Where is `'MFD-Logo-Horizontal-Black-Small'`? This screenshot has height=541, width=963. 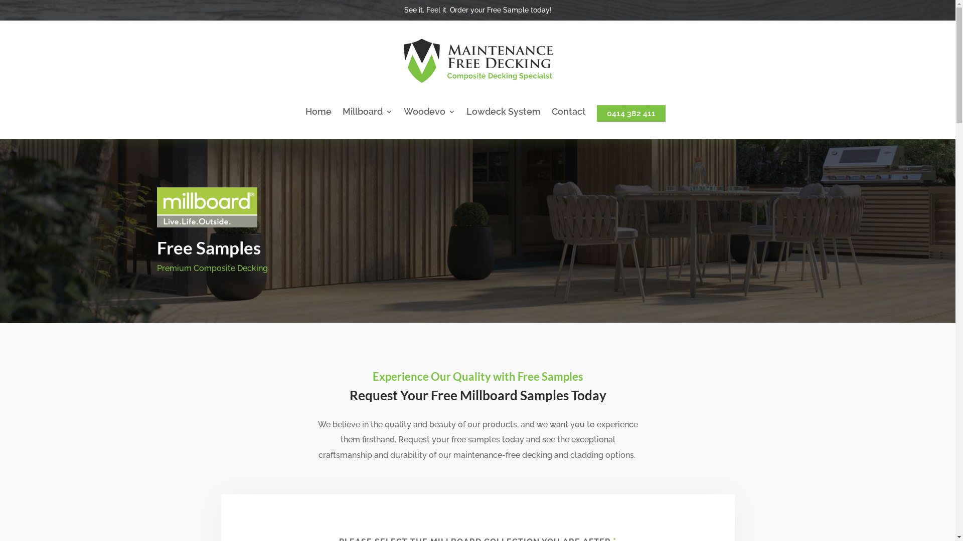 'MFD-Logo-Horizontal-Black-Small' is located at coordinates (476, 61).